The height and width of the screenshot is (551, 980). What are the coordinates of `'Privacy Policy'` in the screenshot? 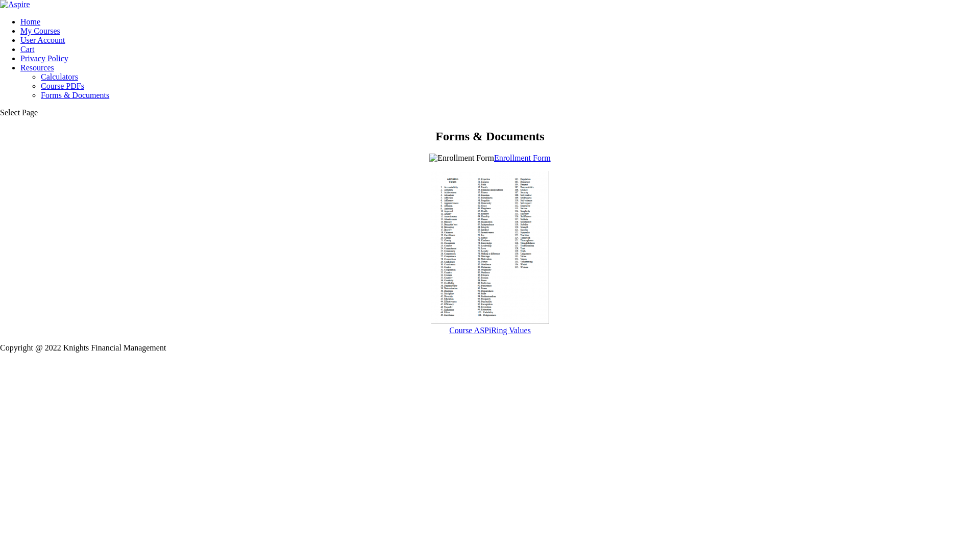 It's located at (43, 58).